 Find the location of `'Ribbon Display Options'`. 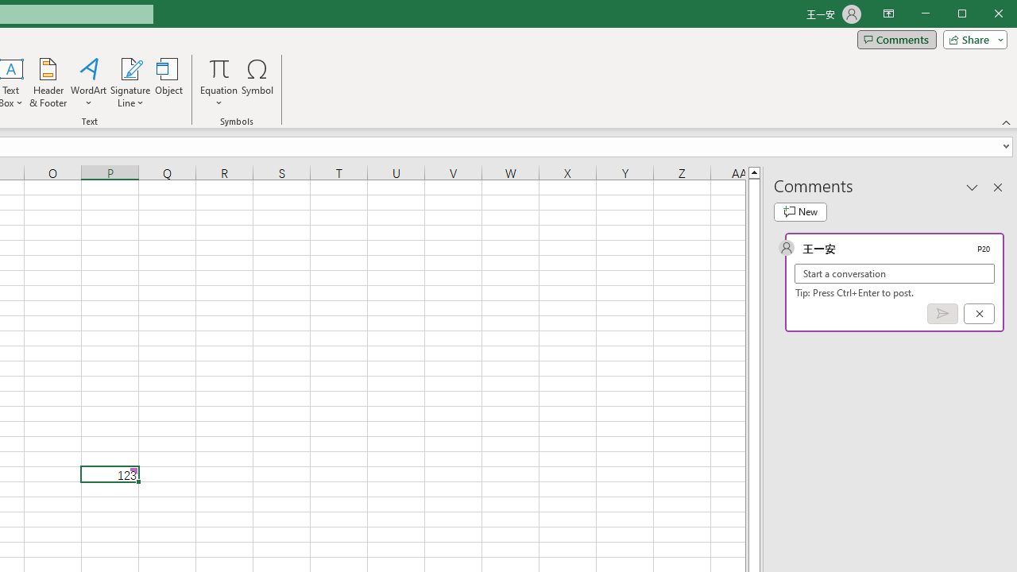

'Ribbon Display Options' is located at coordinates (887, 14).